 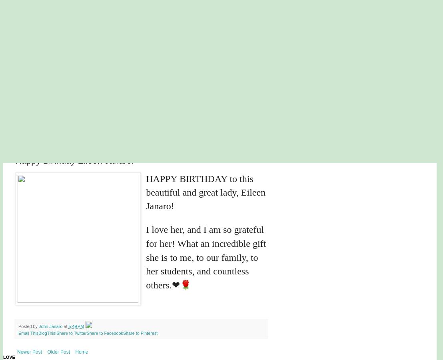 I want to click on 'Share to Facebook', so click(x=104, y=332).